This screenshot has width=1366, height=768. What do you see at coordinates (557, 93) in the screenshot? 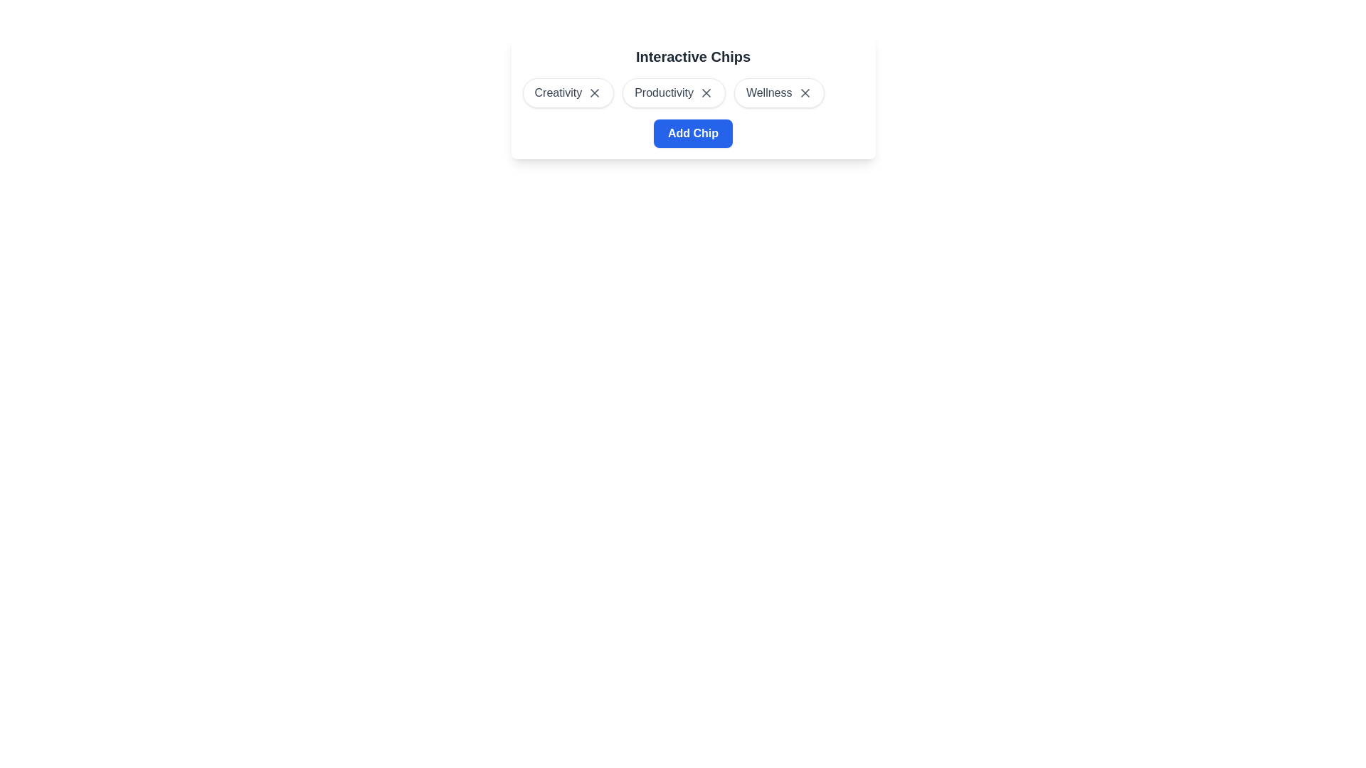
I see `text 'Creativity' displayed in gray with medium font weight, centered within its interactive chip component` at bounding box center [557, 93].